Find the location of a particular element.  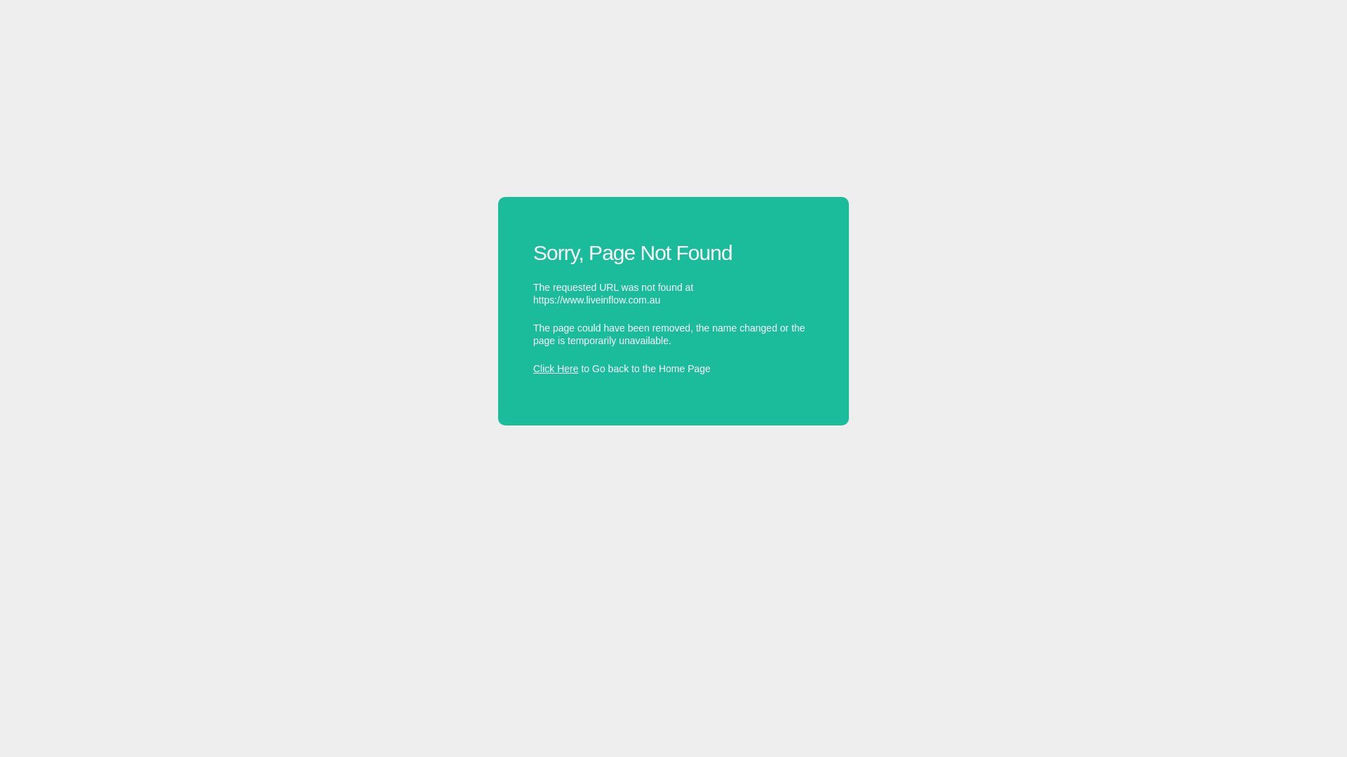

'Click Here' is located at coordinates (555, 367).